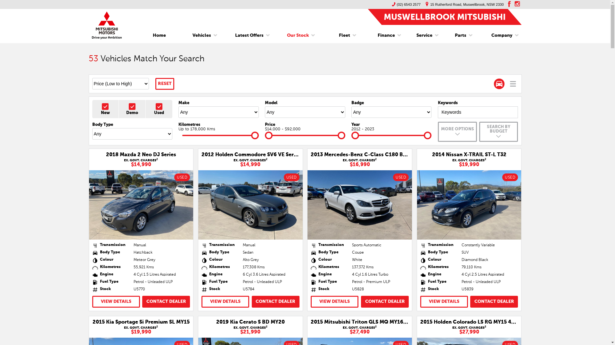 The image size is (615, 345). Describe the element at coordinates (164, 83) in the screenshot. I see `'RESET'` at that location.